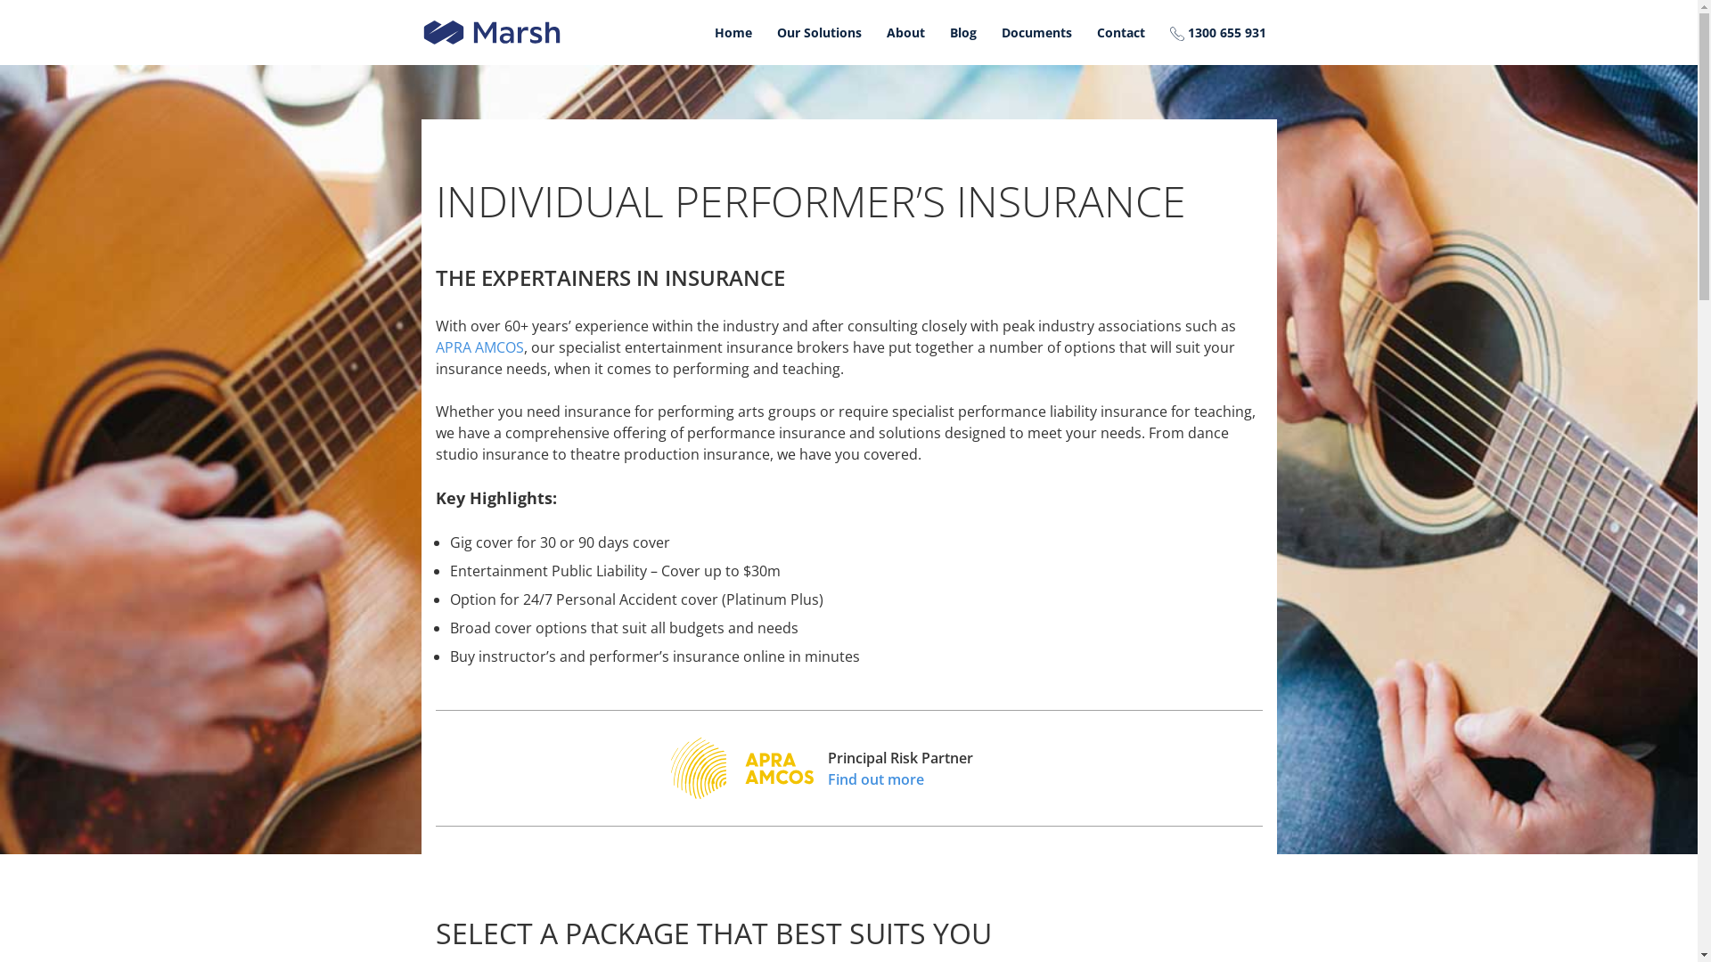 The width and height of the screenshot is (1711, 962). I want to click on 'Home', so click(733, 33).